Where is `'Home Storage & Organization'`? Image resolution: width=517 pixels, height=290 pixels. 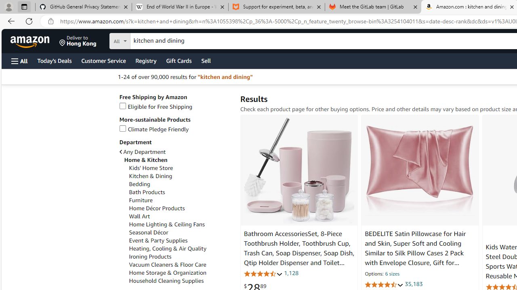 'Home Storage & Organization' is located at coordinates (167, 272).